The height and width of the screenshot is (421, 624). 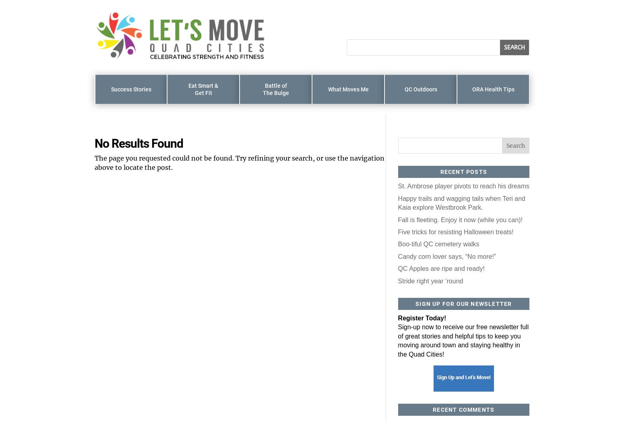 What do you see at coordinates (275, 92) in the screenshot?
I see `'The Bulge'` at bounding box center [275, 92].